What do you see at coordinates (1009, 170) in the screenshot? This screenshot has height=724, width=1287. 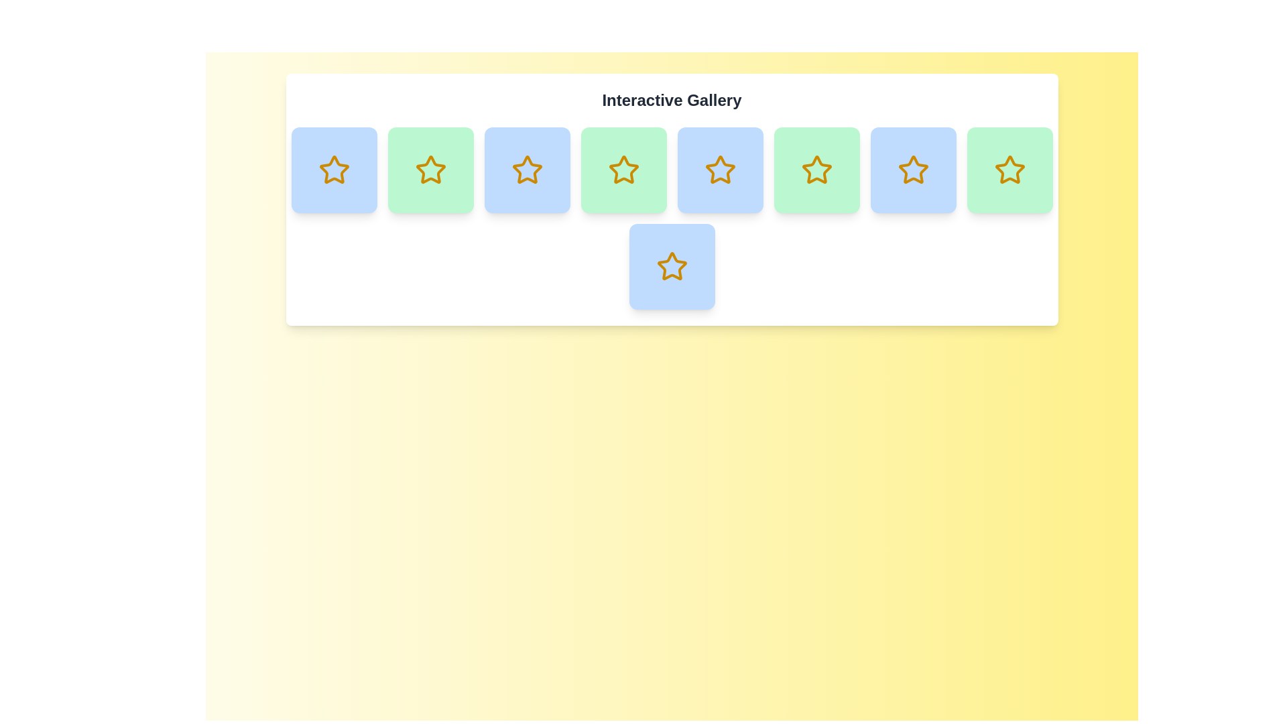 I see `the star icon, which is the seventh element in a horizontally aligned gallery` at bounding box center [1009, 170].